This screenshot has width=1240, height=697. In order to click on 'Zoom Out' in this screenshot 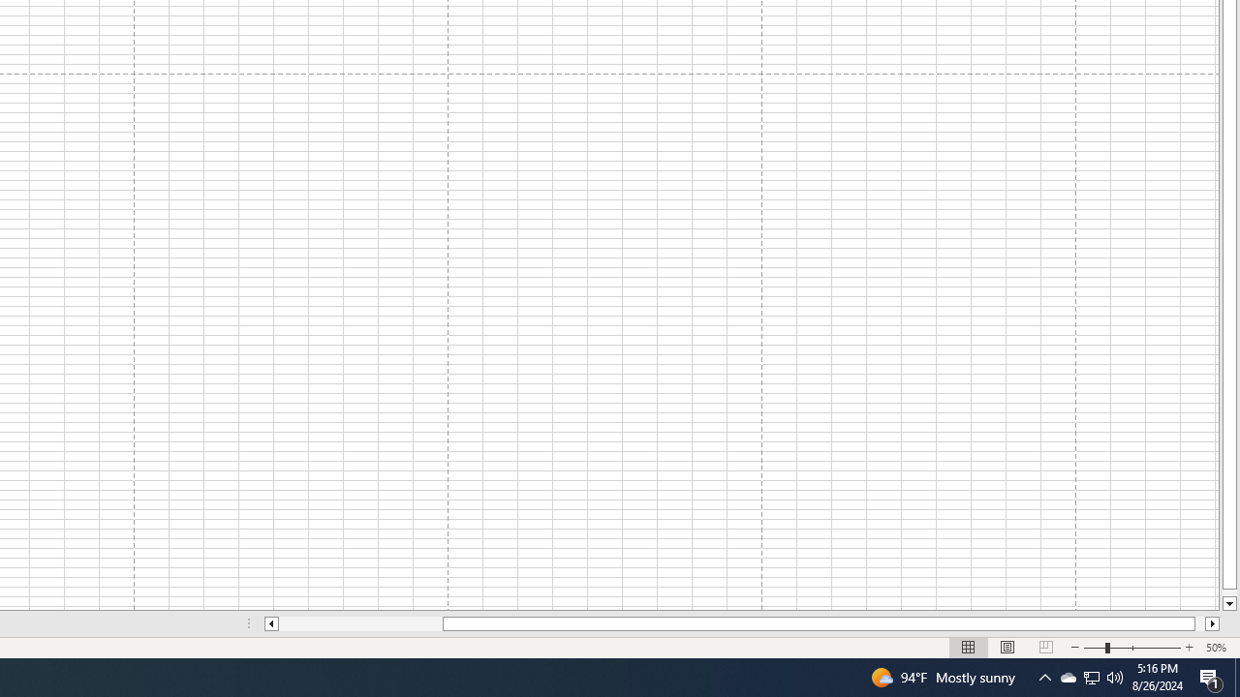, I will do `click(1094, 648)`.